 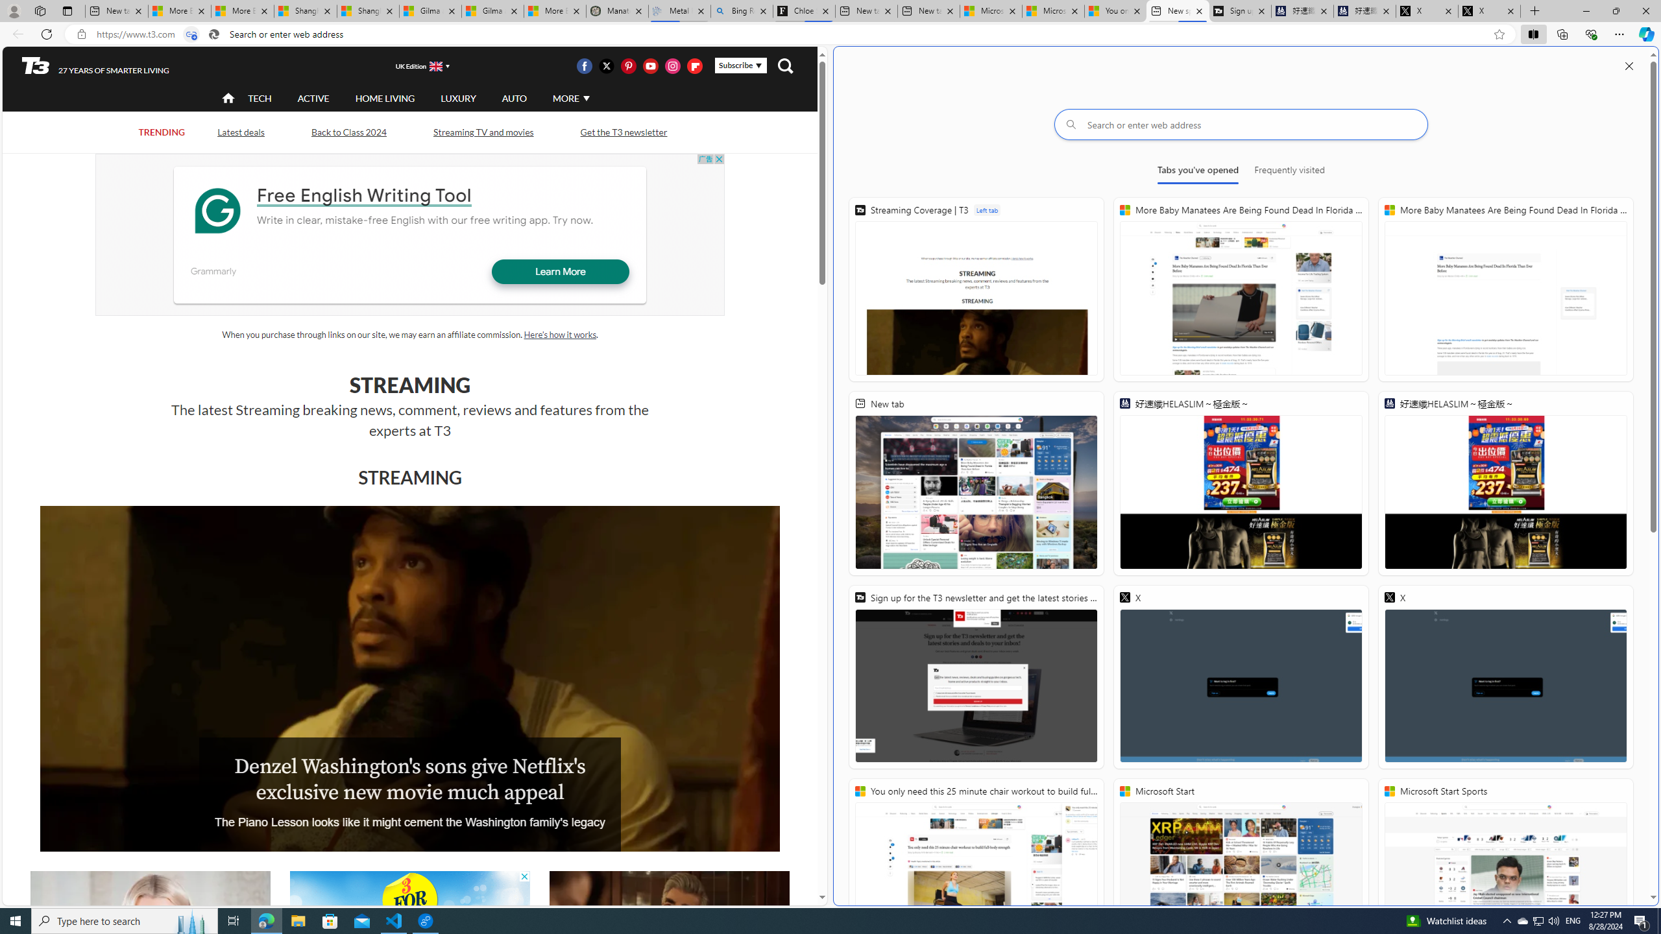 I want to click on 'MORE ', so click(x=569, y=97).